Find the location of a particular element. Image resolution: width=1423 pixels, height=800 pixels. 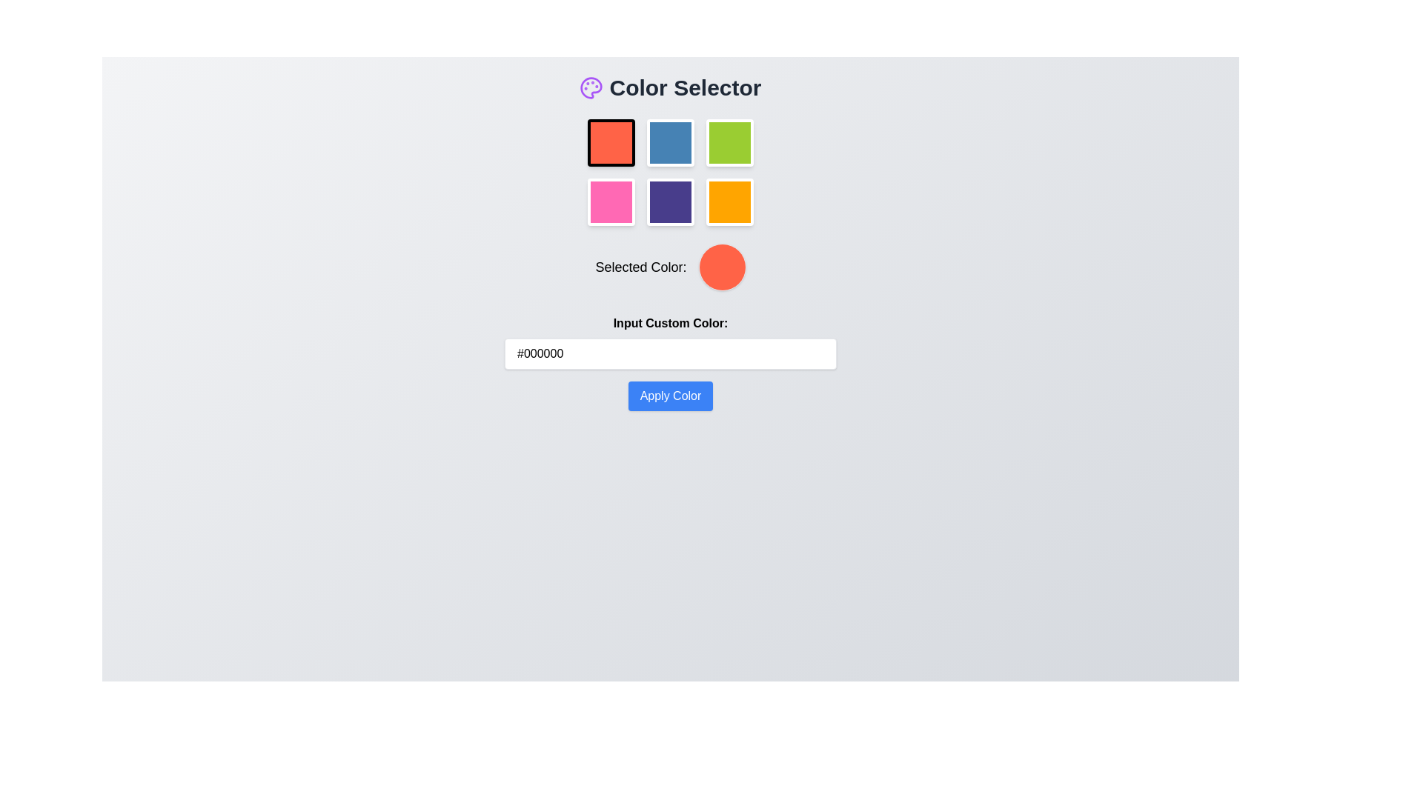

the interactive color selection block located in the bottom-right position of the 3x2 grid layout is located at coordinates (729, 202).